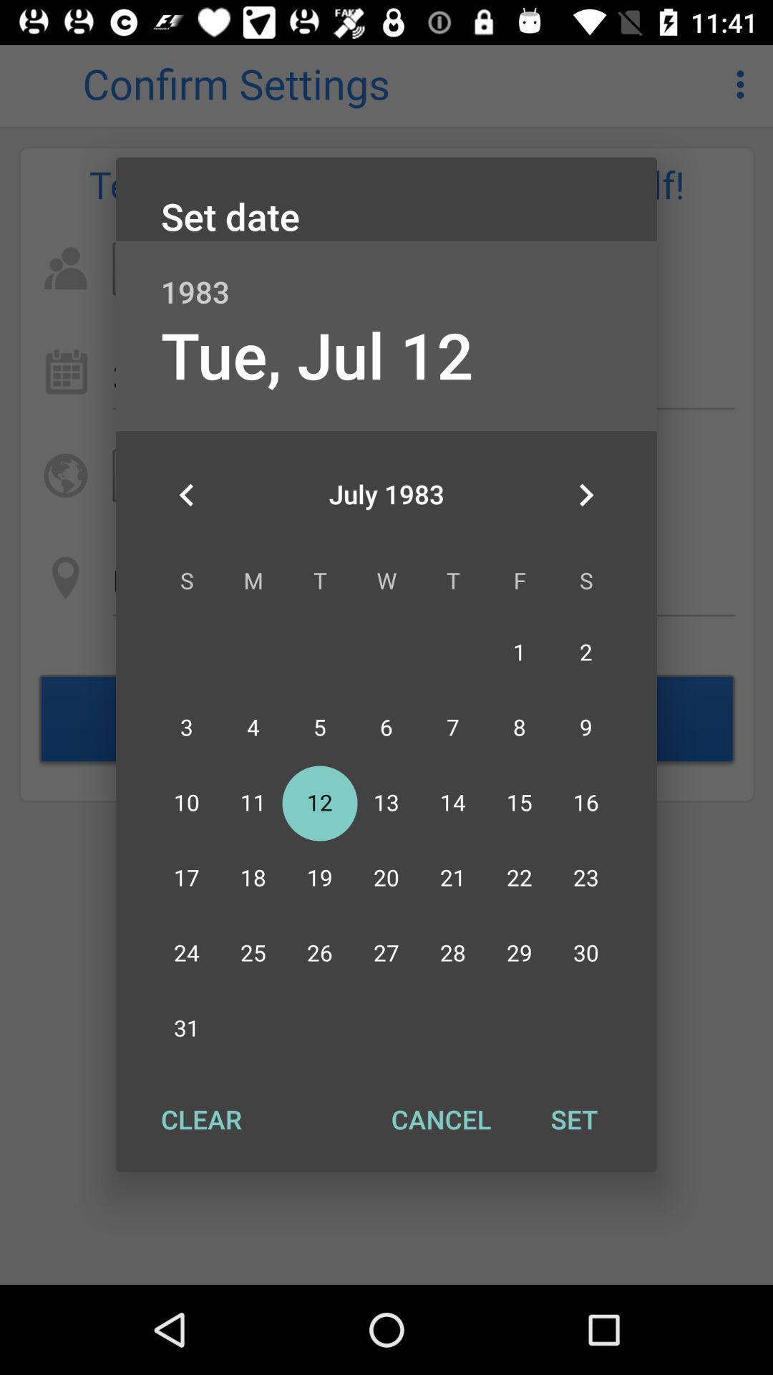 The height and width of the screenshot is (1375, 773). What do you see at coordinates (585, 495) in the screenshot?
I see `icon on the right` at bounding box center [585, 495].